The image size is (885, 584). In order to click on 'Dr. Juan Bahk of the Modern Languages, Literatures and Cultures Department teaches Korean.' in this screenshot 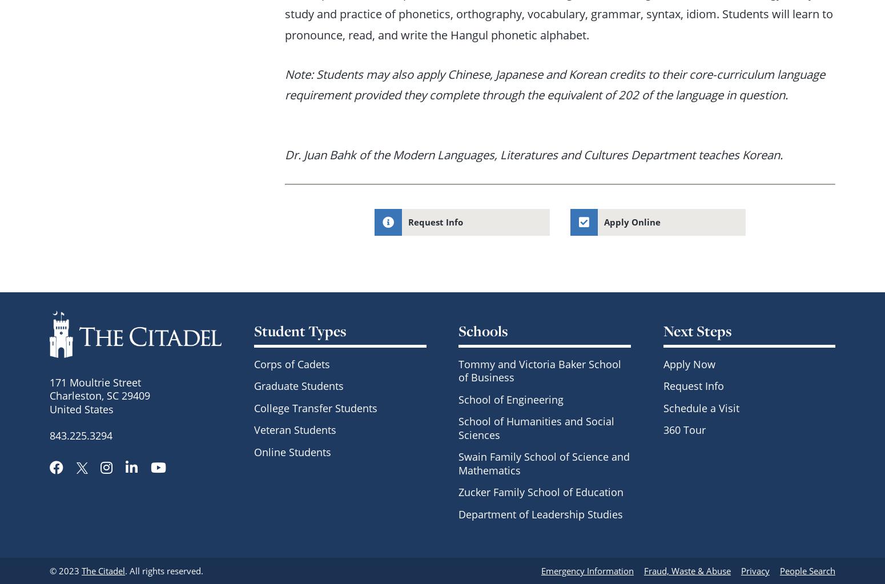, I will do `click(533, 154)`.